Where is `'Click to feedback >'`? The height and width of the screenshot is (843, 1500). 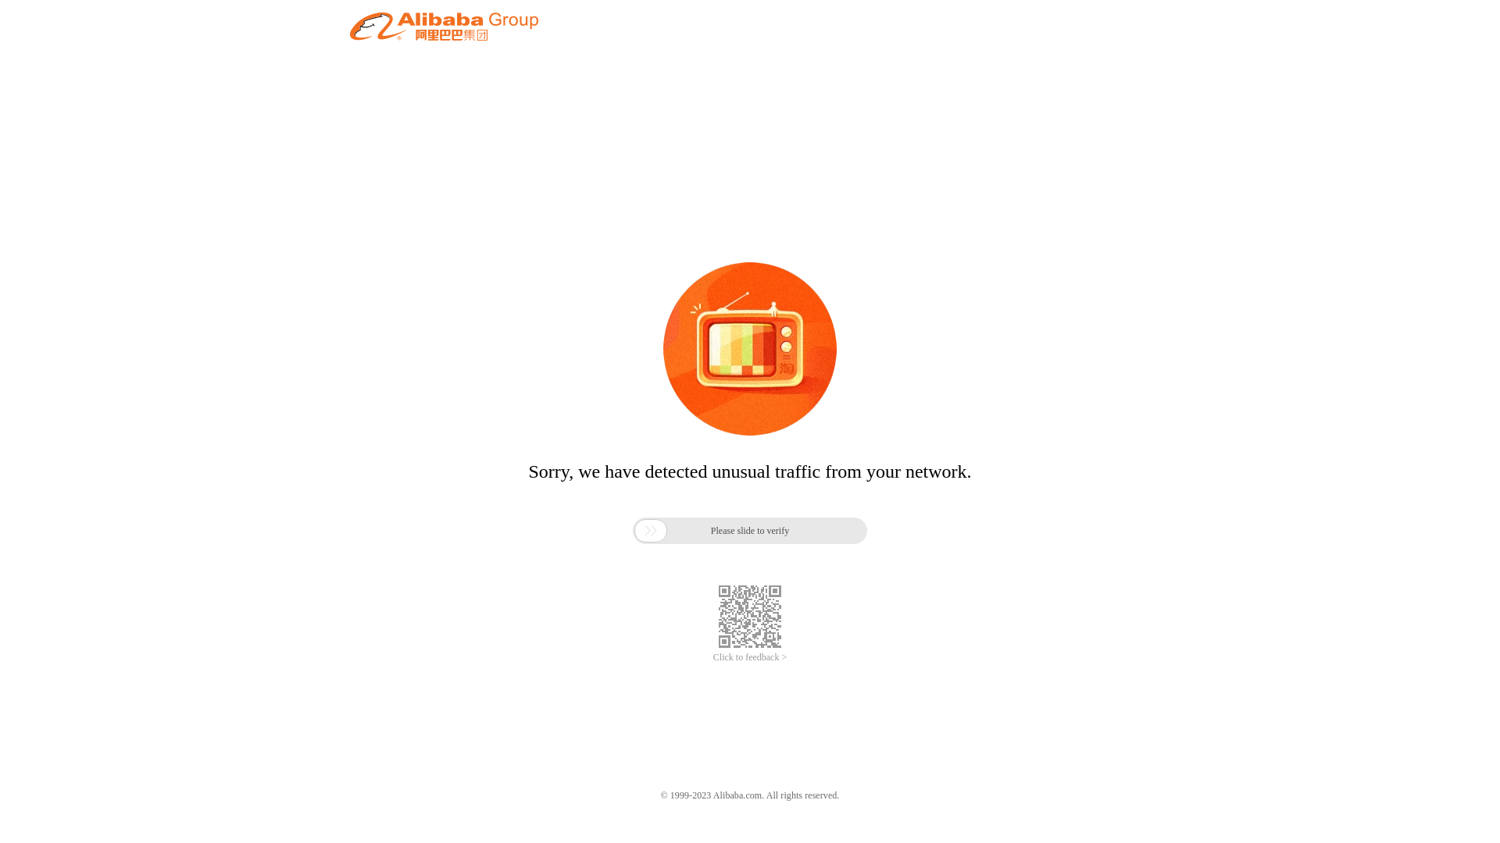 'Click to feedback >' is located at coordinates (750, 657).